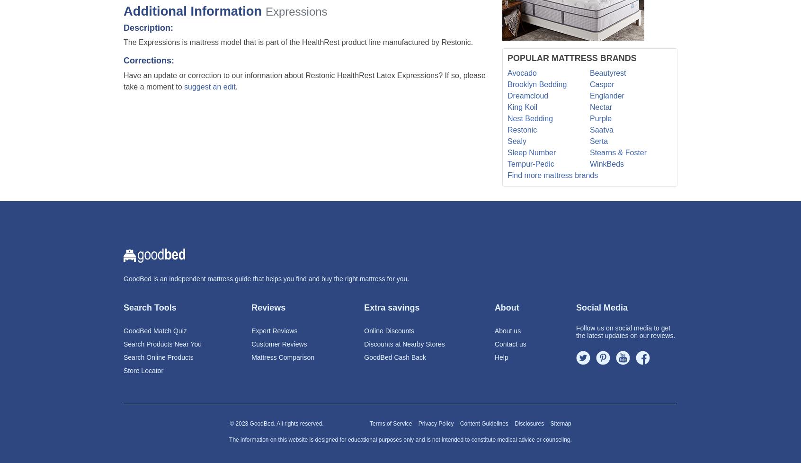 The width and height of the screenshot is (801, 463). What do you see at coordinates (400, 439) in the screenshot?
I see `'The information on this website is designed for educational purposes only and is not intended to constitute medical advice or counseling.'` at bounding box center [400, 439].